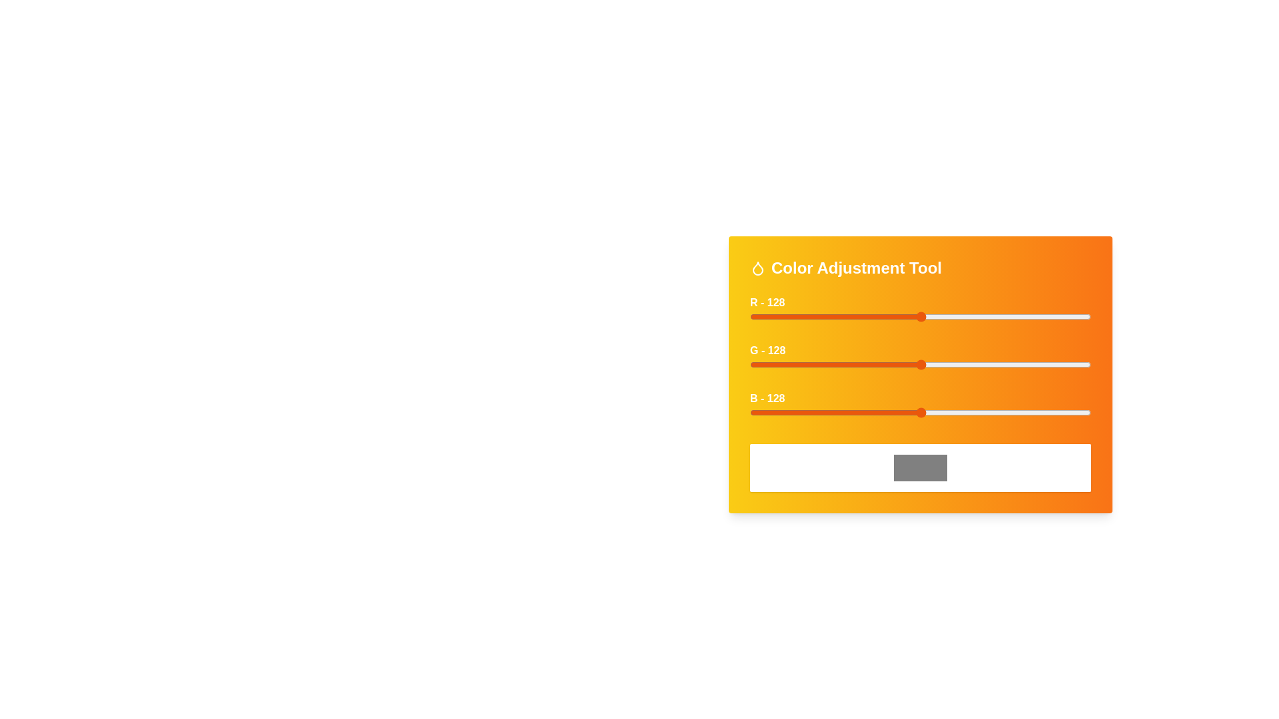 This screenshot has width=1279, height=719. Describe the element at coordinates (817, 412) in the screenshot. I see `the blue slider to set the blue intensity to 51` at that location.